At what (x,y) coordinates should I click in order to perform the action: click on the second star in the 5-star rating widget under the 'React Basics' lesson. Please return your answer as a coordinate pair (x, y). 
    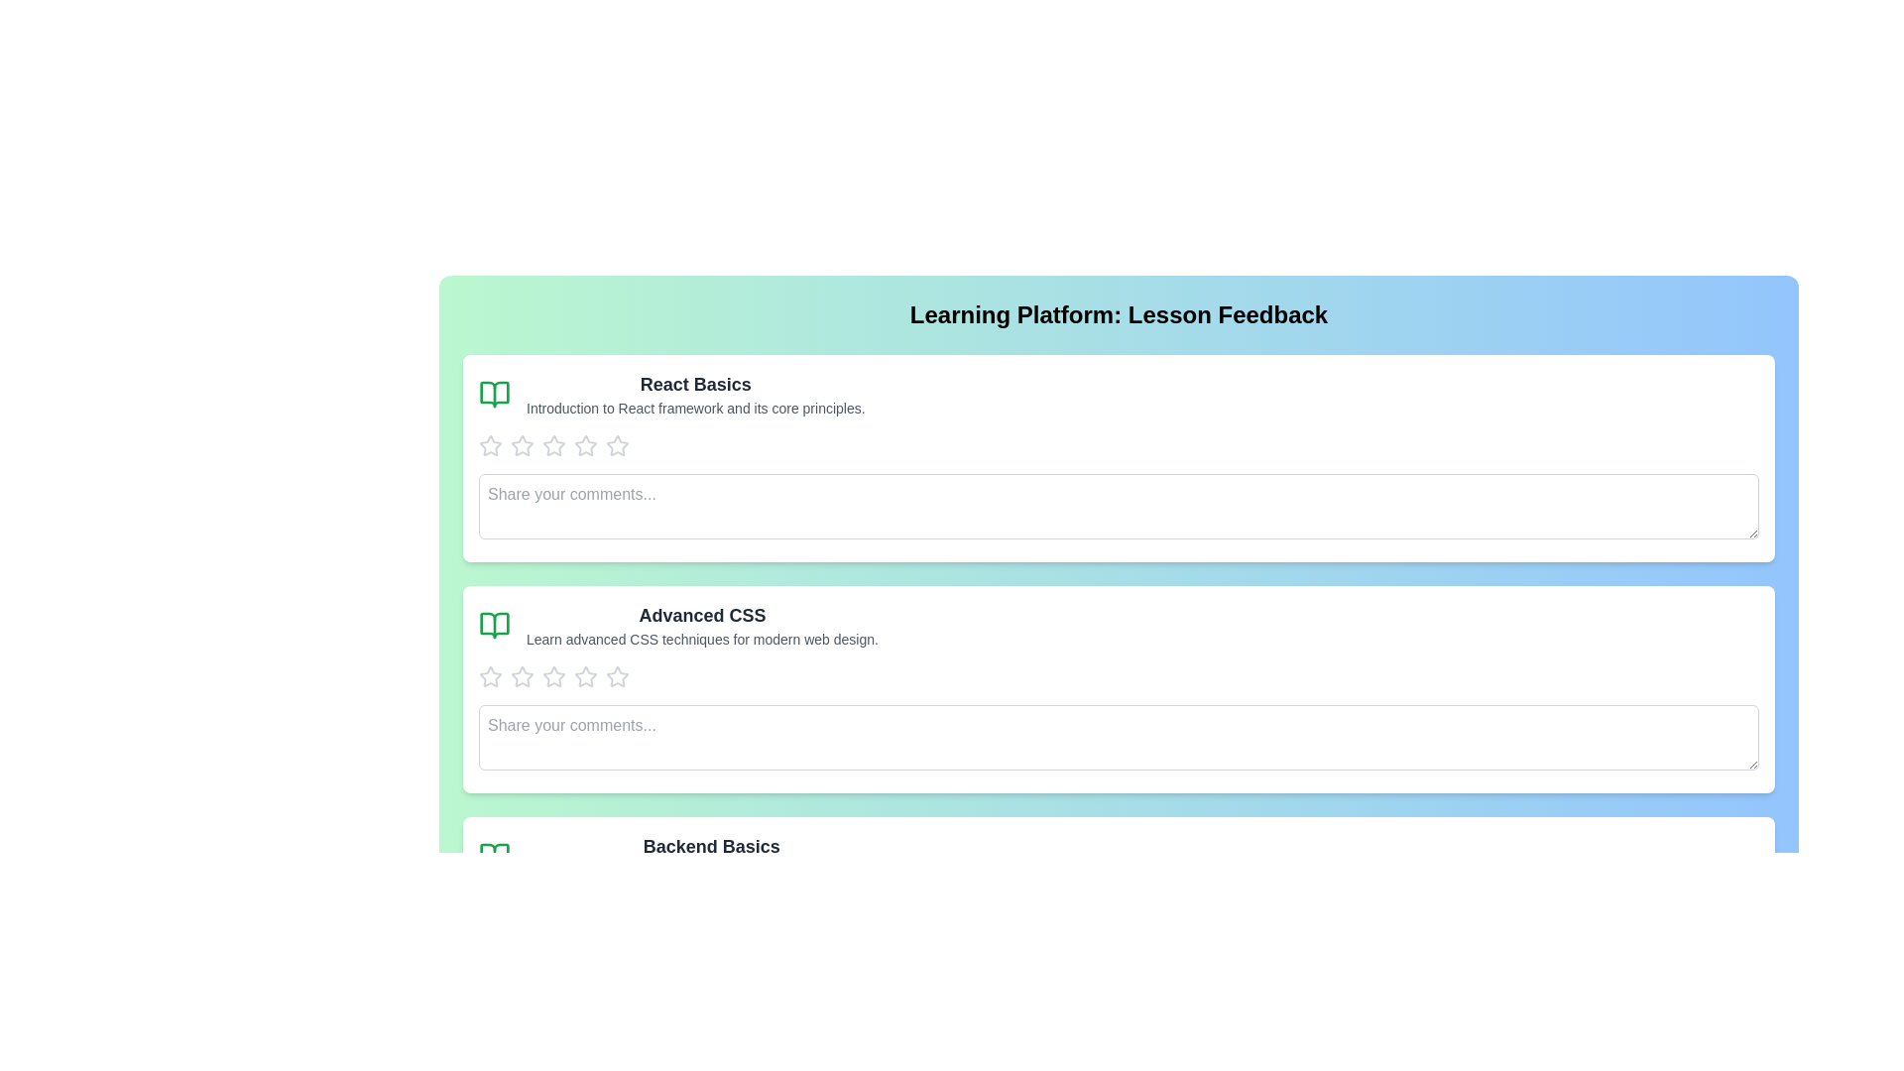
    Looking at the image, I should click on (553, 444).